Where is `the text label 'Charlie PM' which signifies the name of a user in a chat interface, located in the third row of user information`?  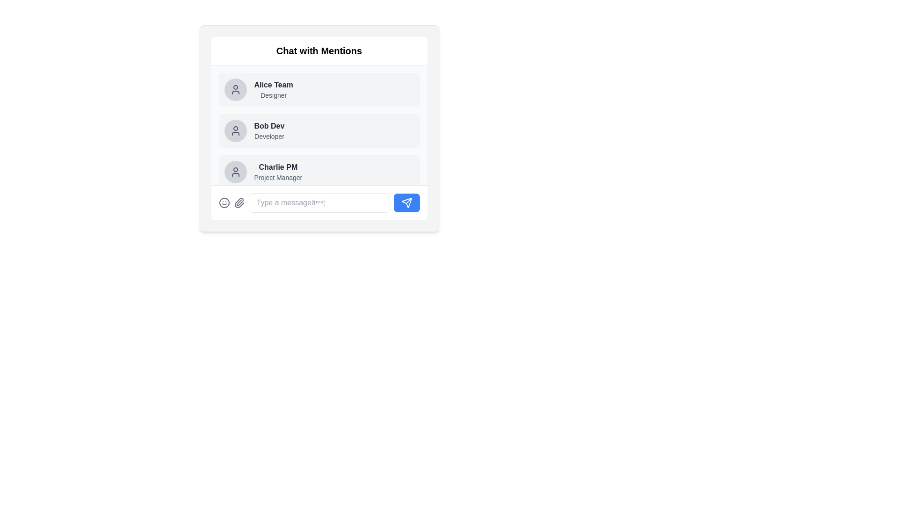
the text label 'Charlie PM' which signifies the name of a user in a chat interface, located in the third row of user information is located at coordinates (277, 167).